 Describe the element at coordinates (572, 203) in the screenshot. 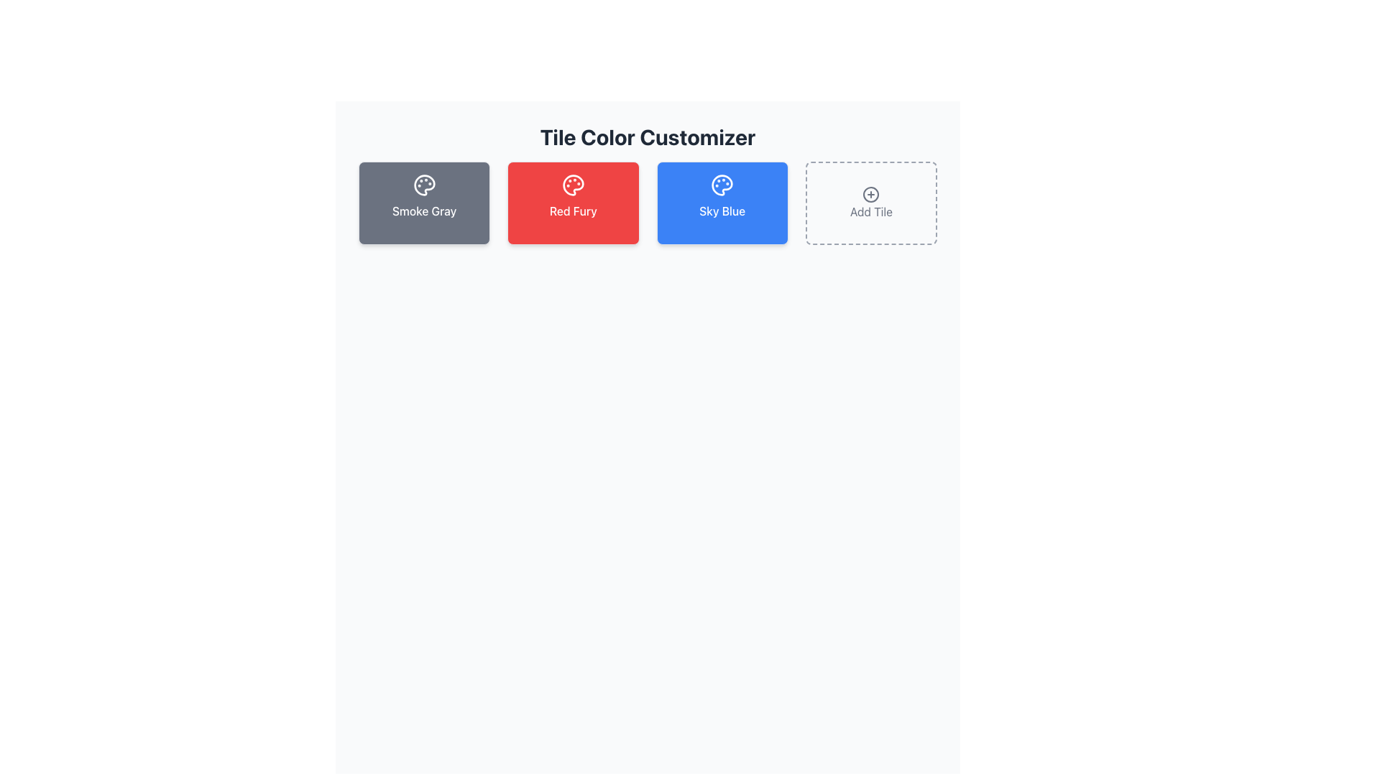

I see `the tile component with a red background and the text 'Red Fury'` at that location.